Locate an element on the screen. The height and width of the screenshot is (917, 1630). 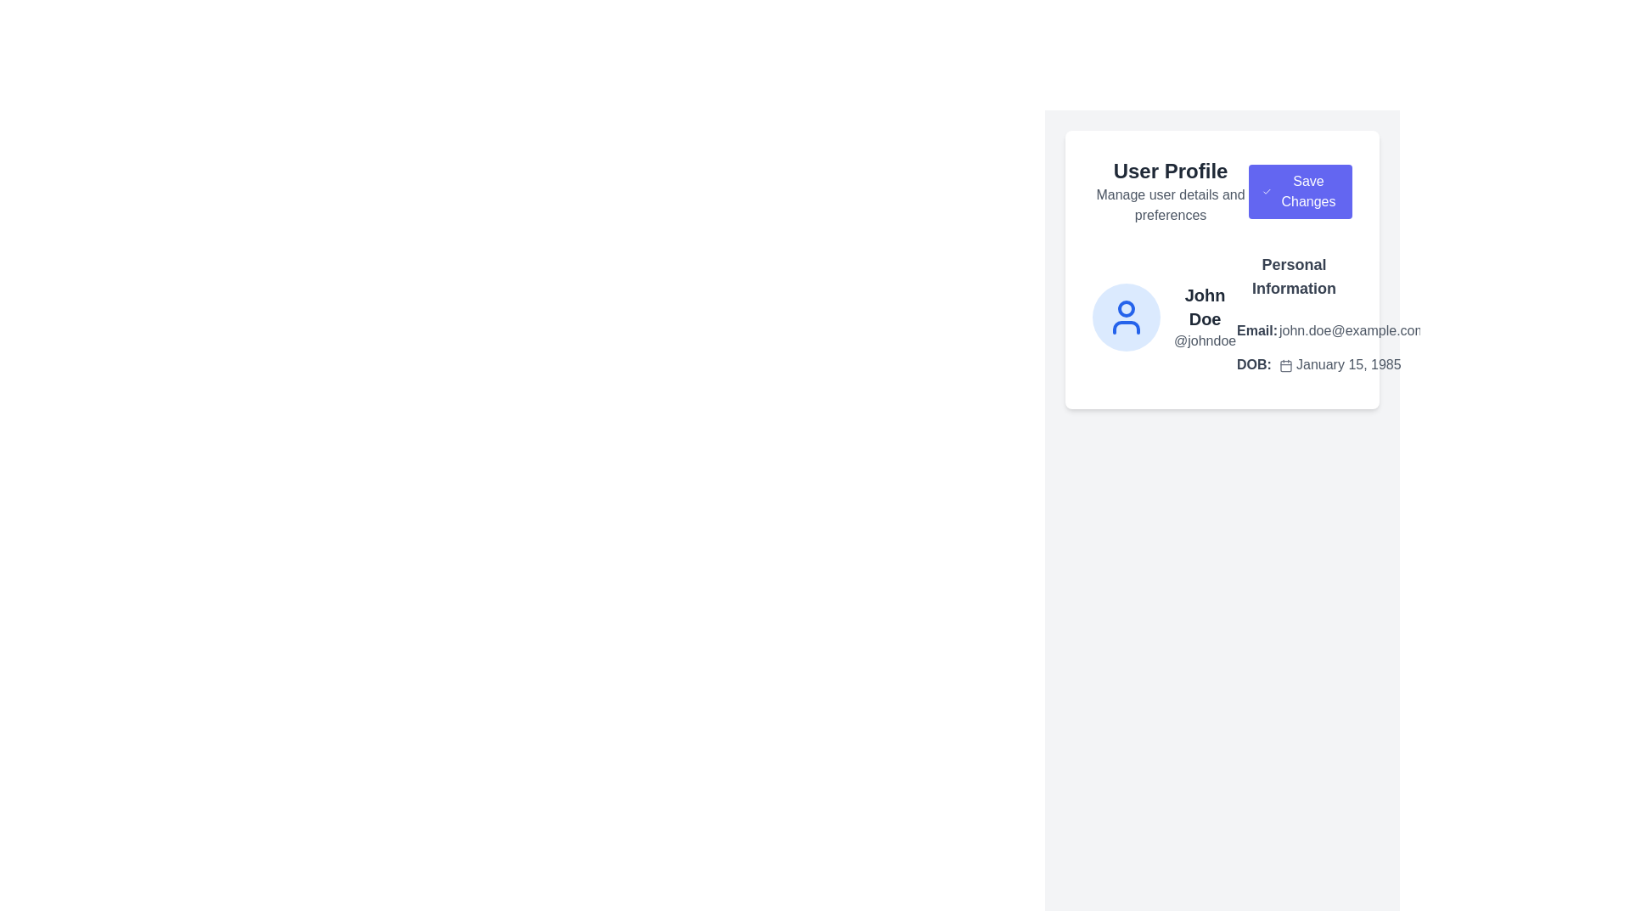
descriptive text of the 'User Profile' header and 'Save Changes' button located at the top part of the user profile settings card is located at coordinates (1222, 191).